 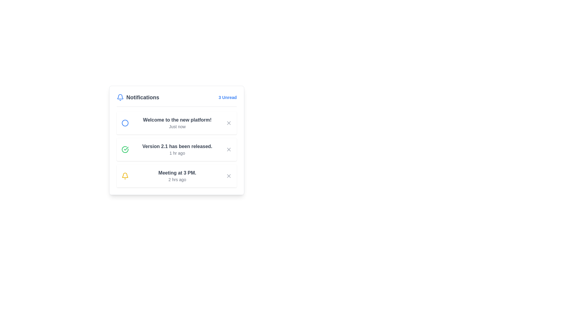 I want to click on the Text Label with Icon indicating the notifications section, located at the top-left corner of the notification panel, so click(x=138, y=97).